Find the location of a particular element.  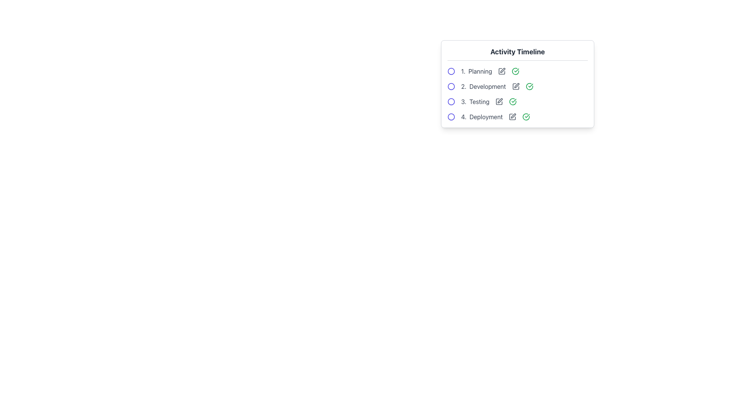

the status of the Circular icon in the 'Activity Timeline' section that precedes the text '3. Testing' is located at coordinates (451, 101).